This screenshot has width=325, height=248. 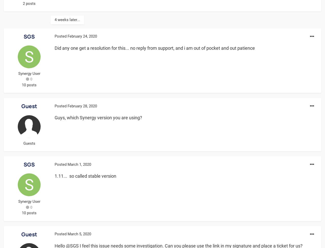 I want to click on 'March 1, 2020', so click(x=79, y=164).